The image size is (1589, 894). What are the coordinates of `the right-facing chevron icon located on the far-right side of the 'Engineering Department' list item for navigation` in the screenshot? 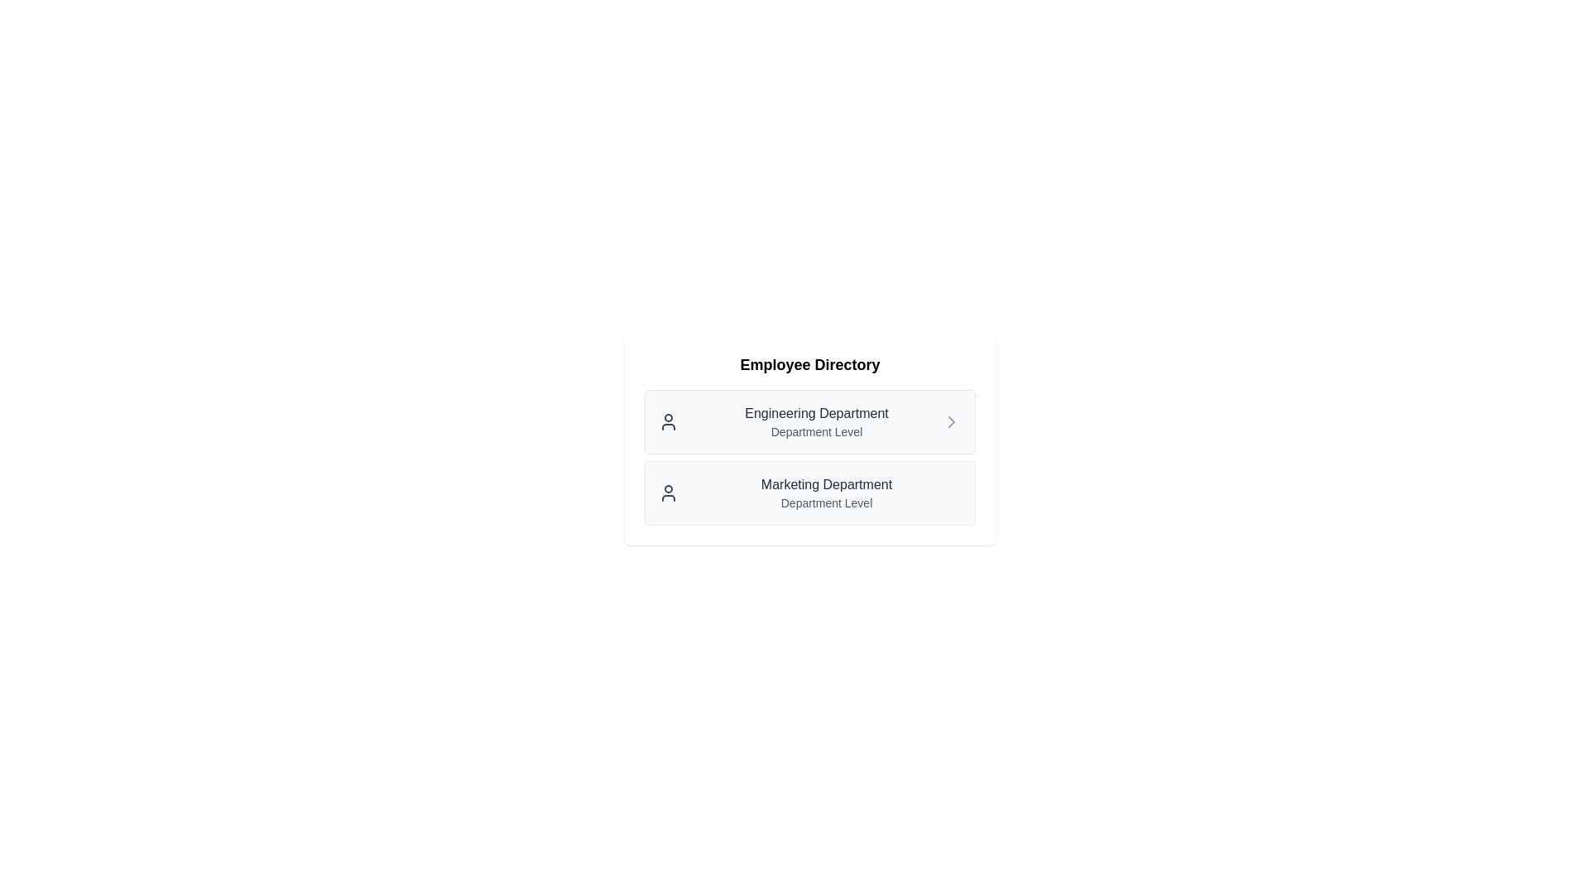 It's located at (952, 421).